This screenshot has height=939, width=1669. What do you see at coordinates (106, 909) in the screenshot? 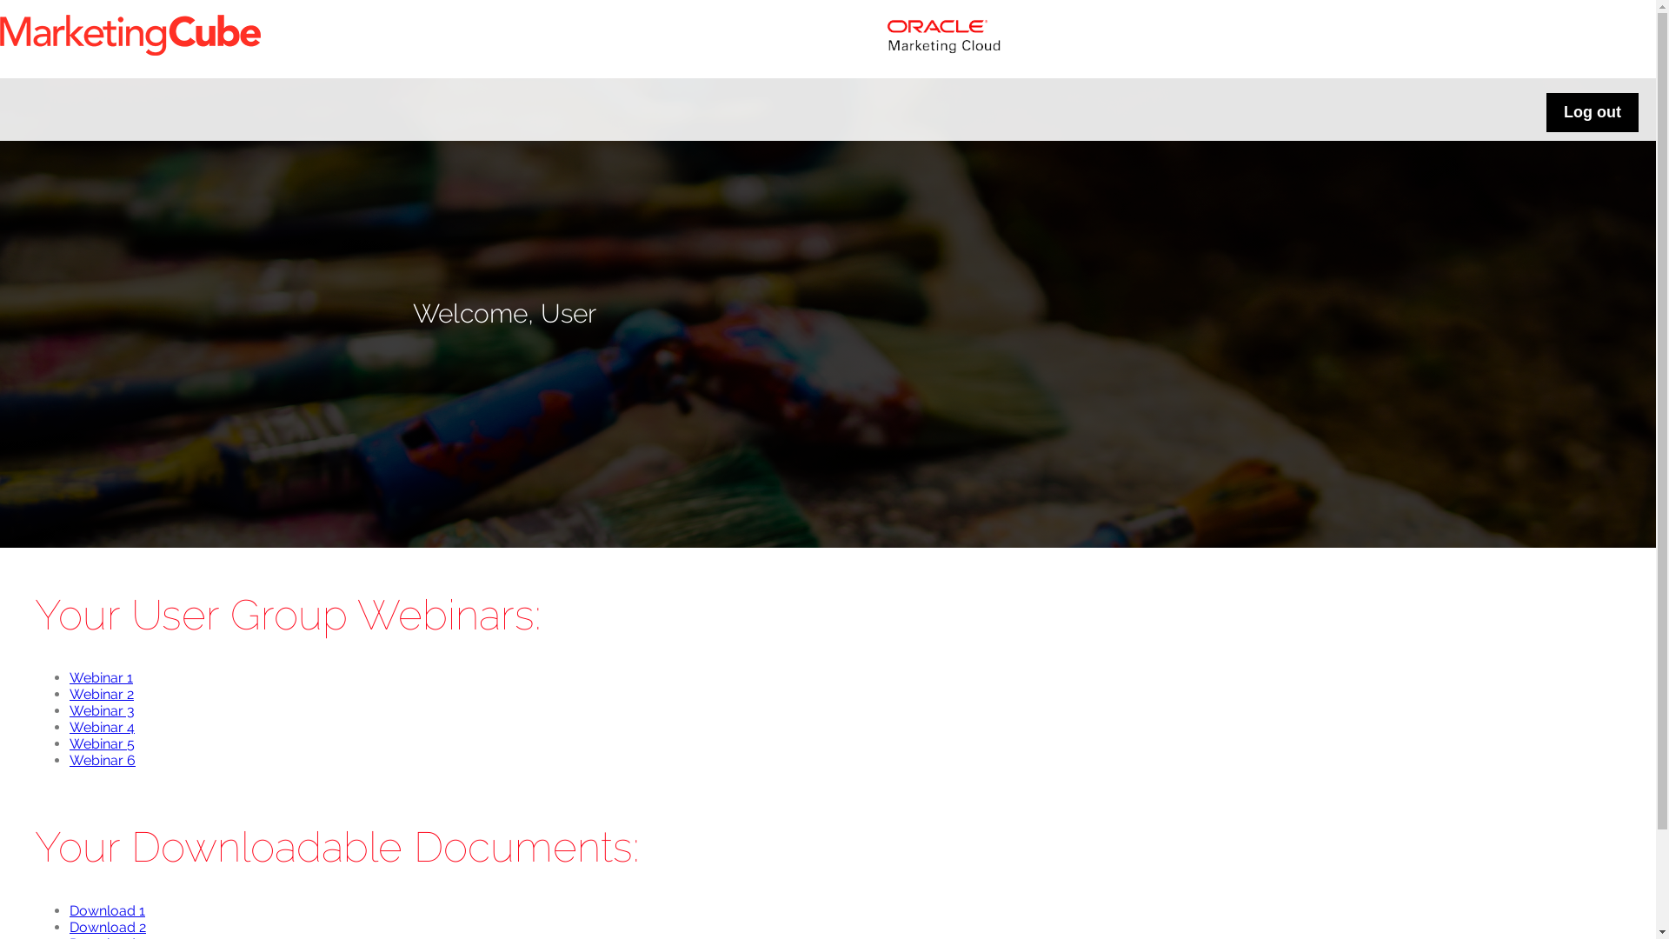
I see `'Download 1'` at bounding box center [106, 909].